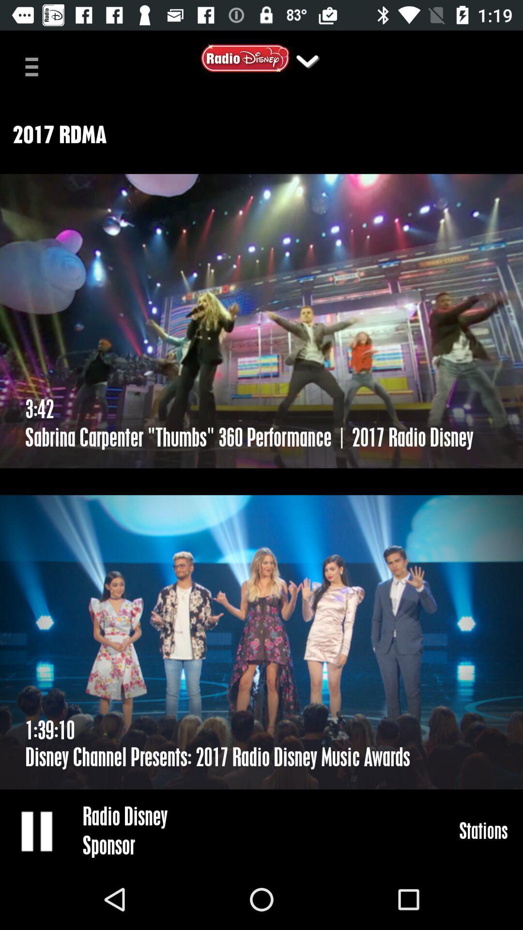 This screenshot has height=930, width=523. What do you see at coordinates (35, 65) in the screenshot?
I see `item at the top left corner` at bounding box center [35, 65].